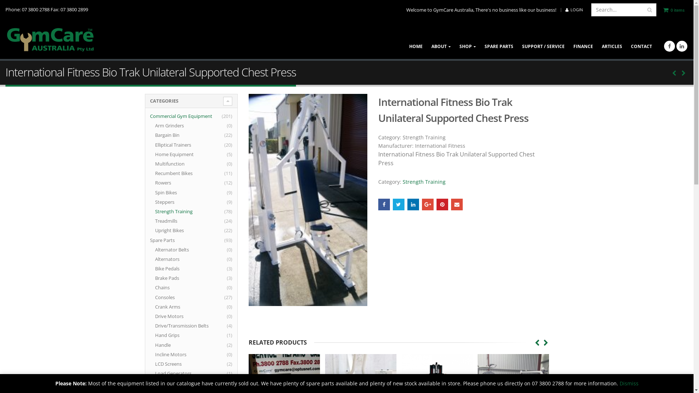  What do you see at coordinates (50, 39) in the screenshot?
I see `'GymCare Australia - There's no business like our business'` at bounding box center [50, 39].